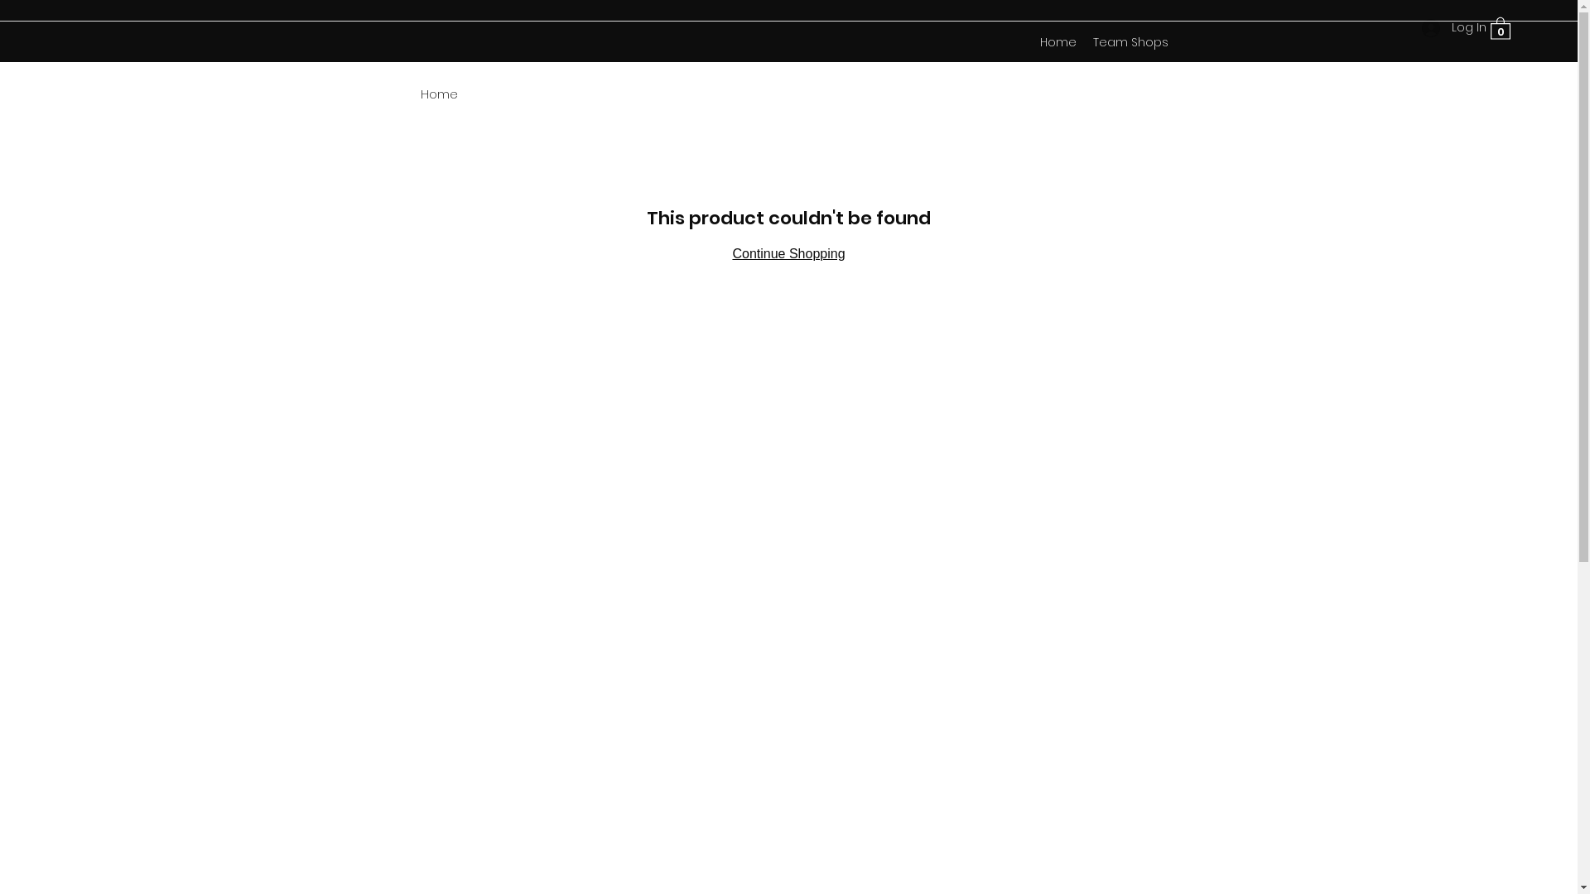  Describe the element at coordinates (1085, 41) in the screenshot. I see `'Team Shops'` at that location.